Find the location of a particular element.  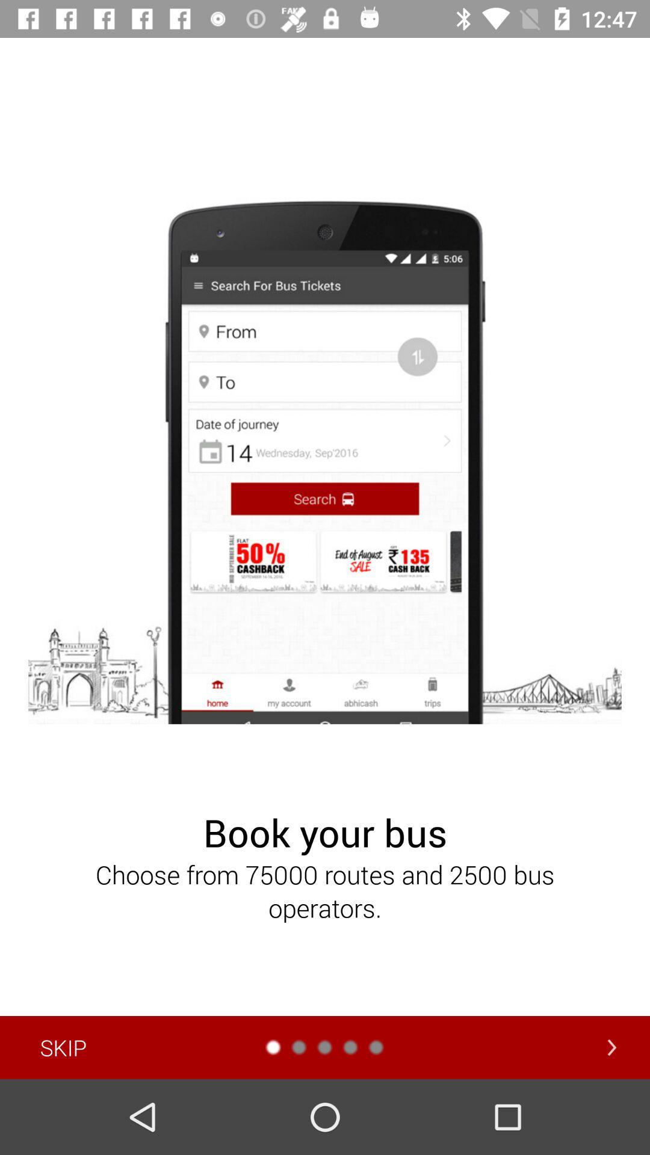

the arrow_forward icon is located at coordinates (612, 1047).